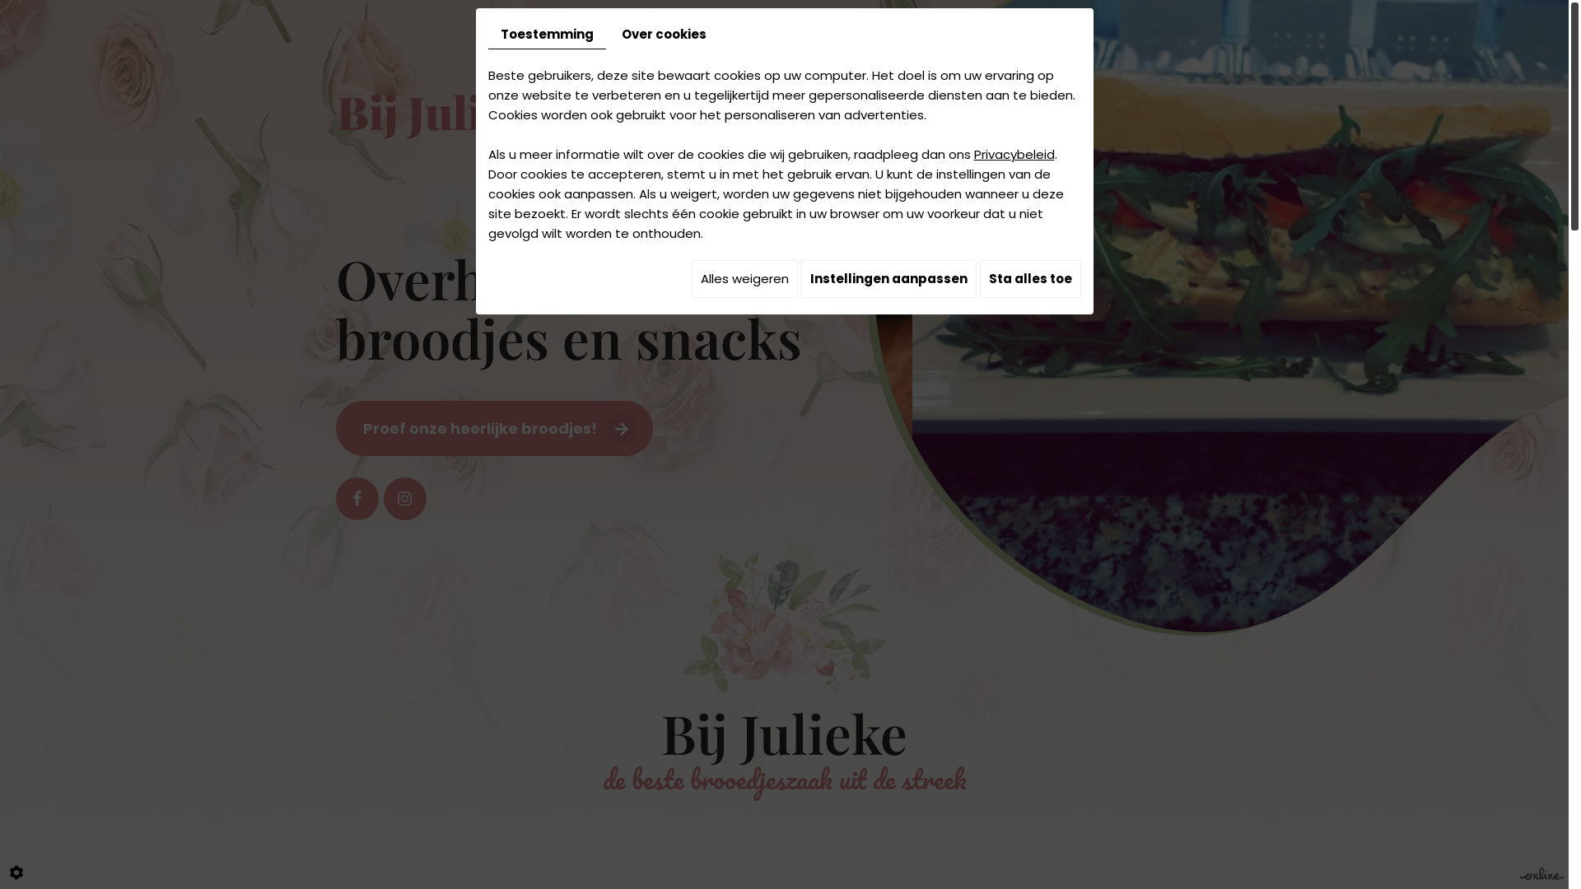 The width and height of the screenshot is (1581, 889). What do you see at coordinates (887, 278) in the screenshot?
I see `'Instellingen aanpassen'` at bounding box center [887, 278].